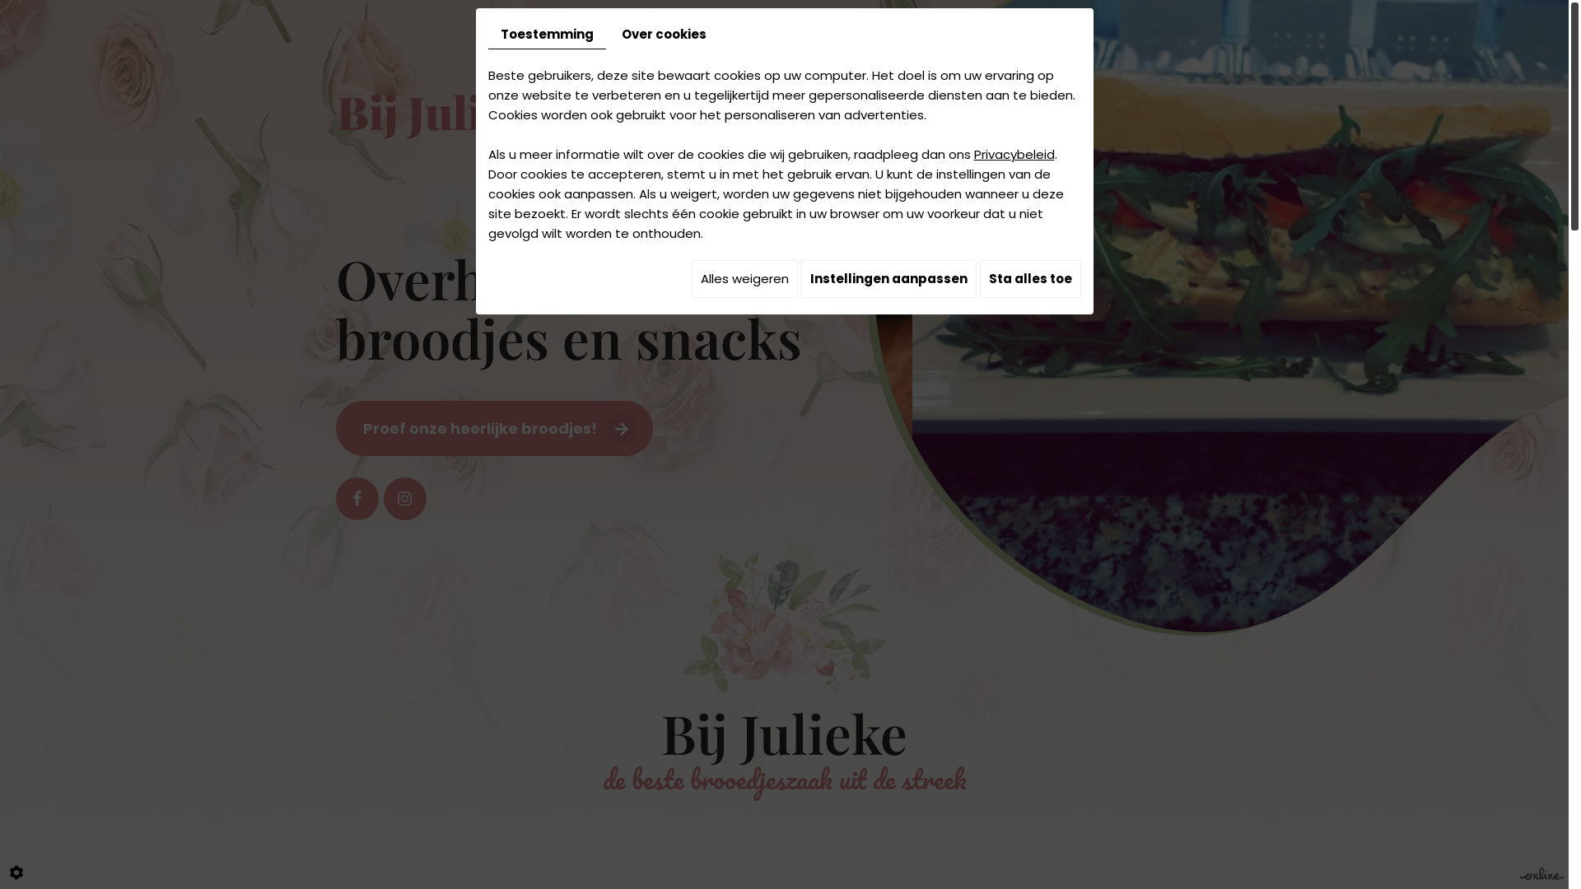 The width and height of the screenshot is (1581, 889). What do you see at coordinates (887, 278) in the screenshot?
I see `'Instellingen aanpassen'` at bounding box center [887, 278].